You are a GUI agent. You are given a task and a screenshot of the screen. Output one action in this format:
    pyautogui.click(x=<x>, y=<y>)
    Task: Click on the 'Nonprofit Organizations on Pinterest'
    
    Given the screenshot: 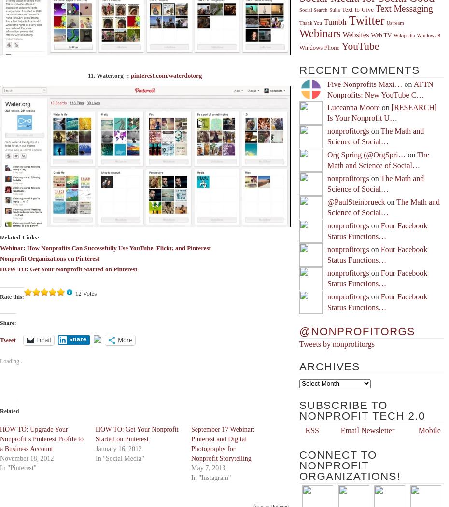 What is the action you would take?
    pyautogui.click(x=50, y=258)
    